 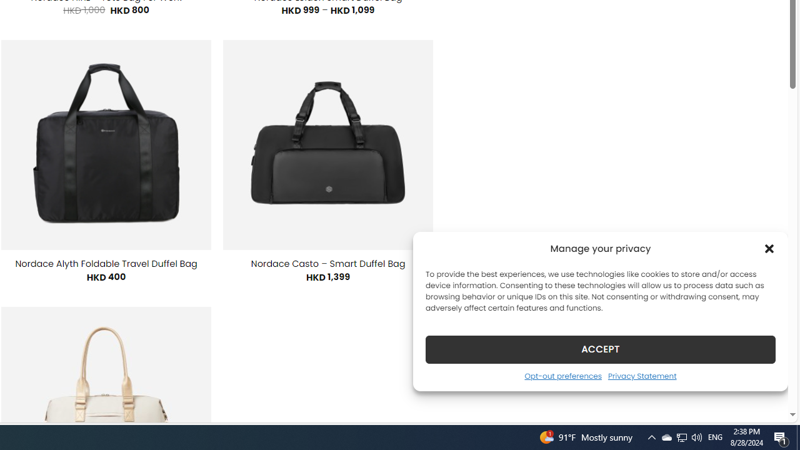 I want to click on 'Privacy Statement', so click(x=642, y=375).